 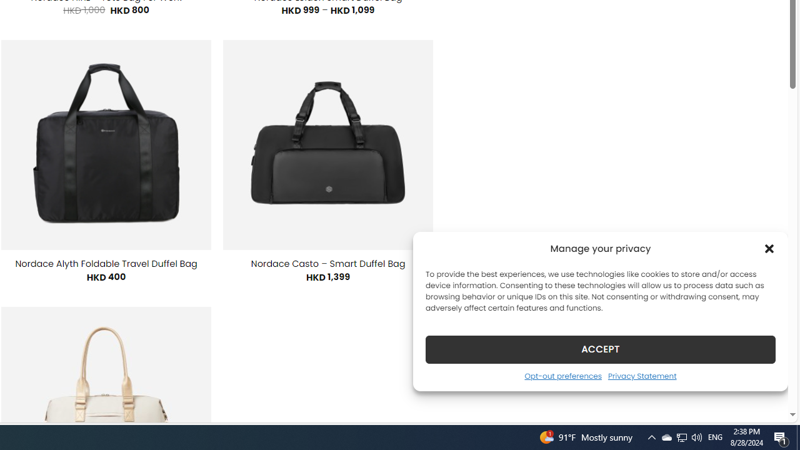 I want to click on 'Privacy Statement', so click(x=642, y=375).